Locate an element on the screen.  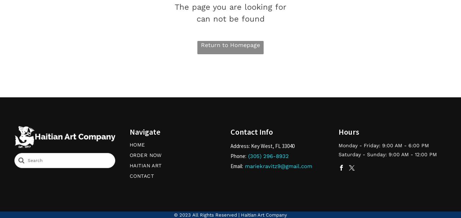
'The page you are looking for' is located at coordinates (174, 6).